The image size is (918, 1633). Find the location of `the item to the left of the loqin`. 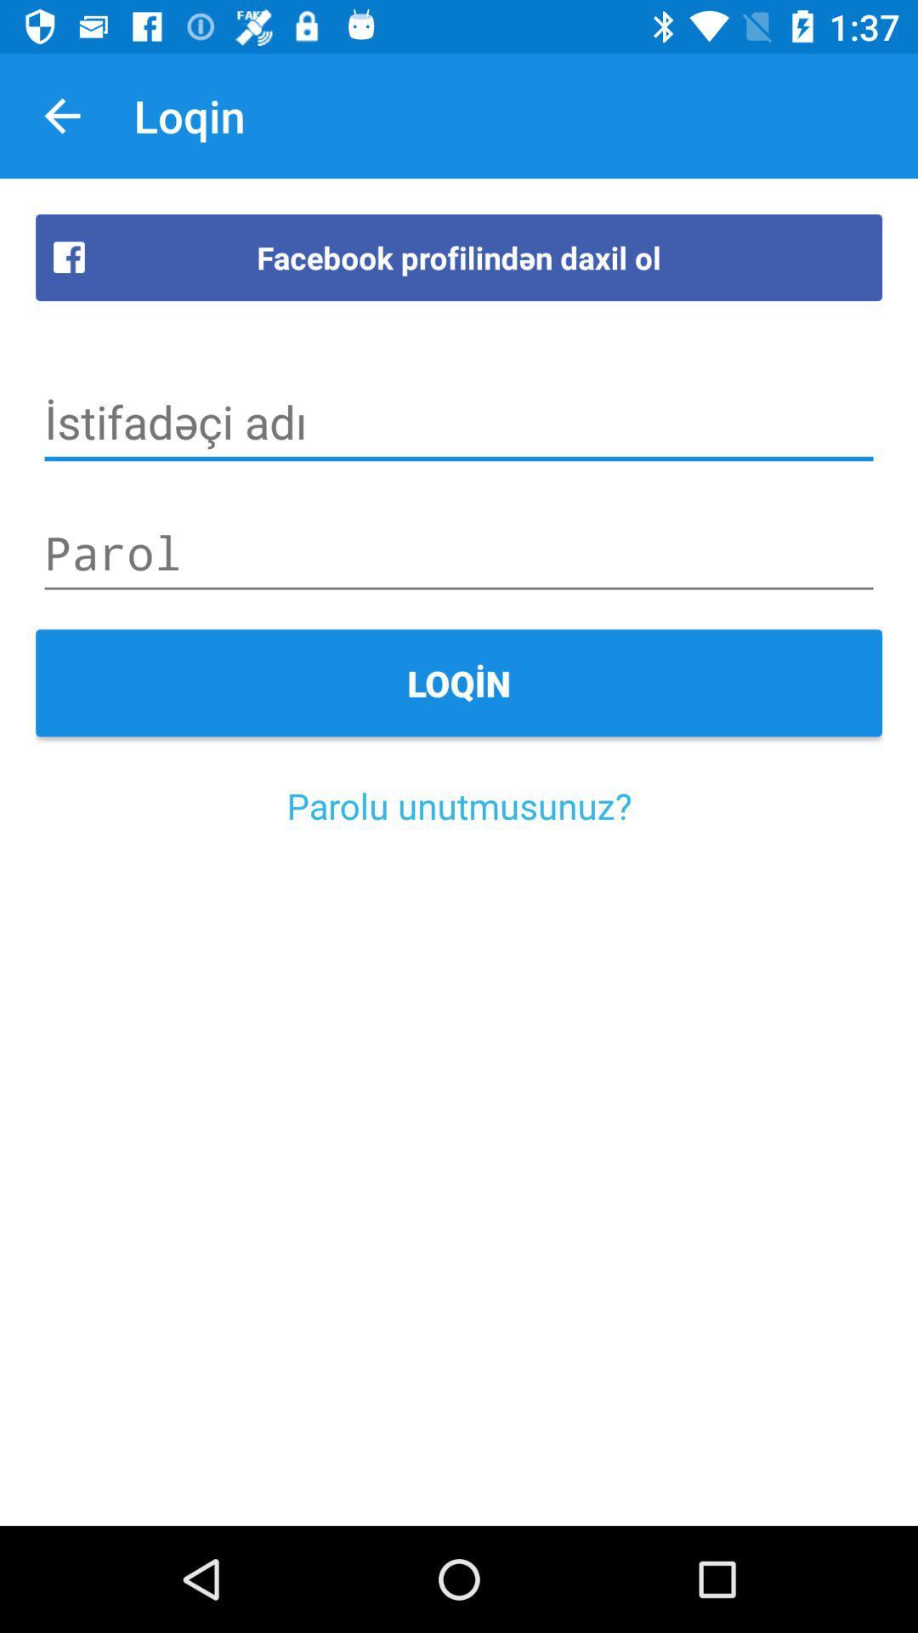

the item to the left of the loqin is located at coordinates (61, 115).